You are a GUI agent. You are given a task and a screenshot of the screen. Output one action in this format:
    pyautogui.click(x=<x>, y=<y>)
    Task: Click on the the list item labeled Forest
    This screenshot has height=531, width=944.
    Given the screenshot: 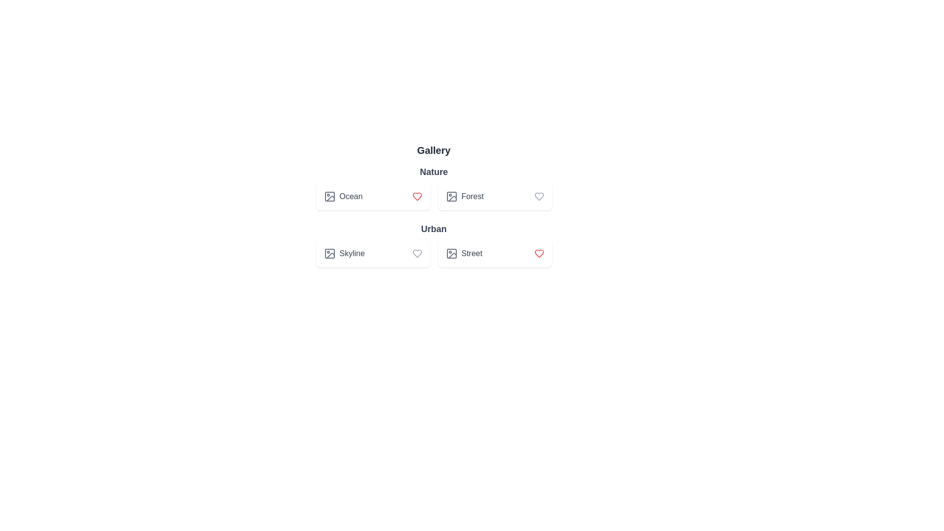 What is the action you would take?
    pyautogui.click(x=495, y=197)
    